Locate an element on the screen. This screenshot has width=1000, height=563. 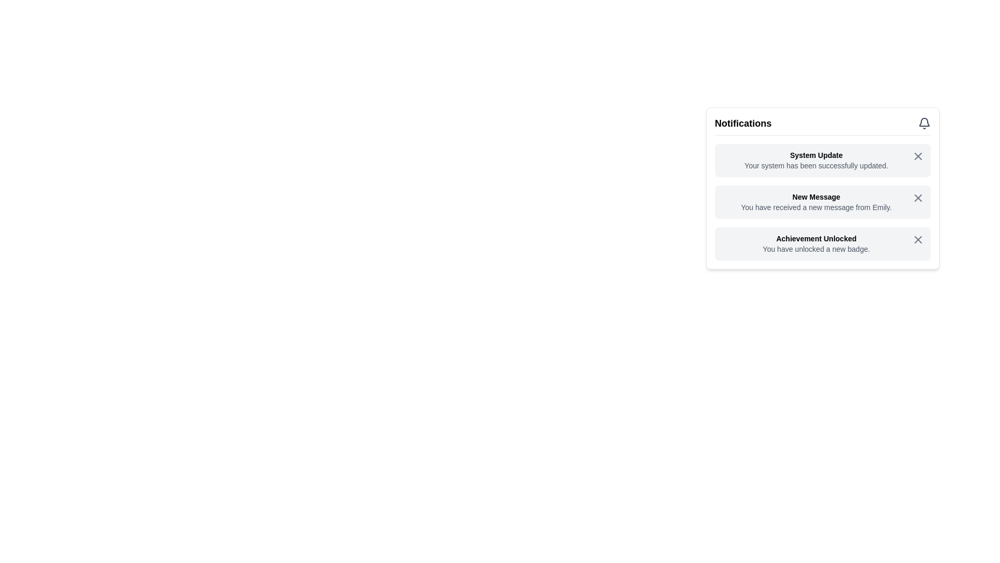
text content of the notification label that says 'You have received a new message from Emily.' is located at coordinates (816, 207).